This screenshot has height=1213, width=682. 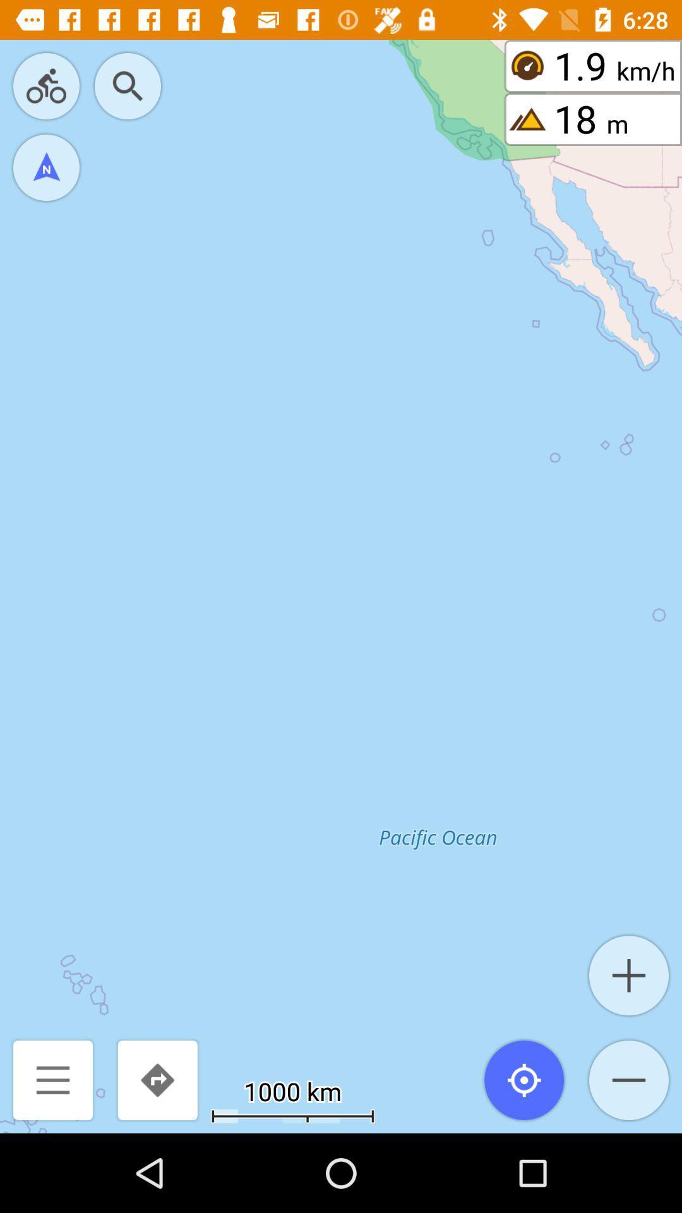 What do you see at coordinates (128, 85) in the screenshot?
I see `the search icon` at bounding box center [128, 85].